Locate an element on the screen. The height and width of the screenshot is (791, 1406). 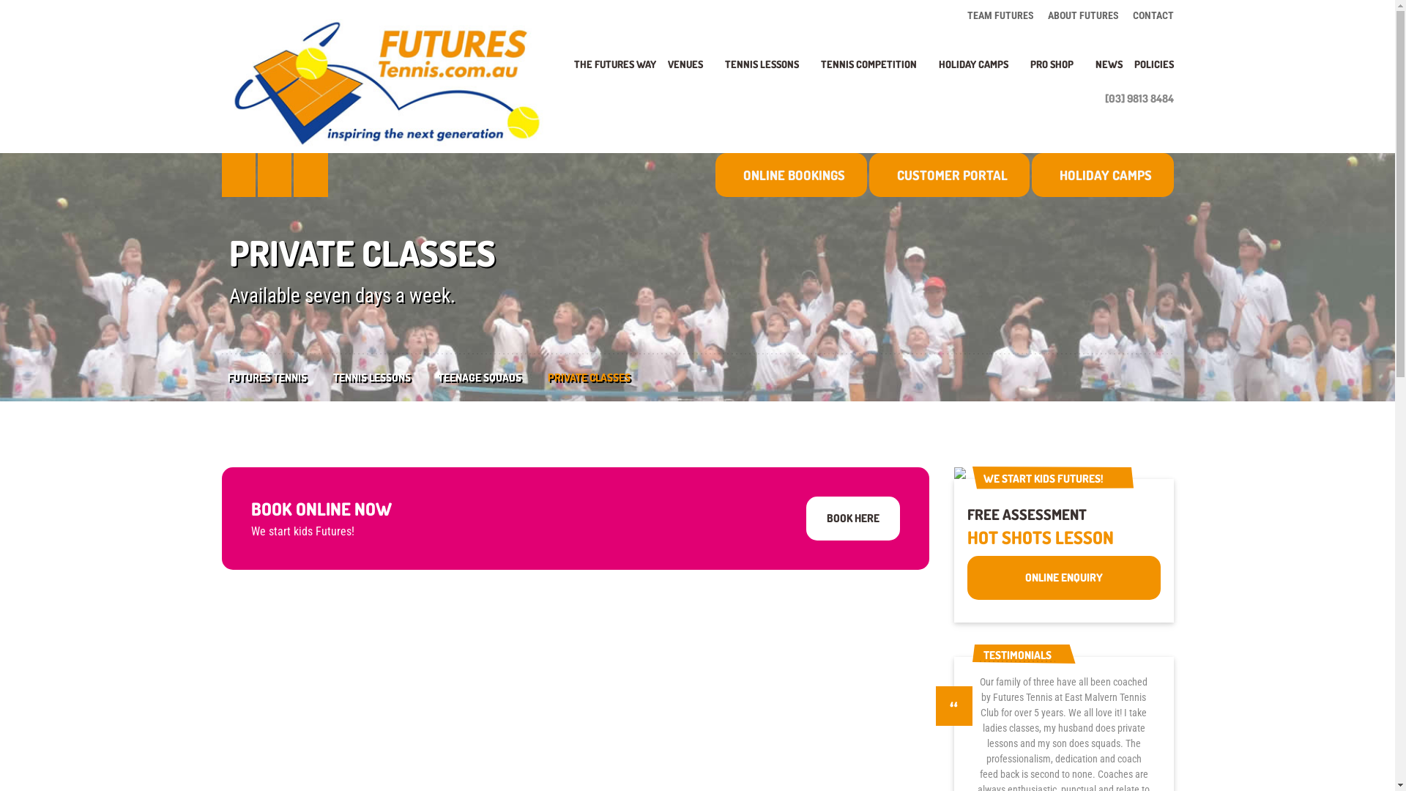
'POLICIES' is located at coordinates (1127, 72).